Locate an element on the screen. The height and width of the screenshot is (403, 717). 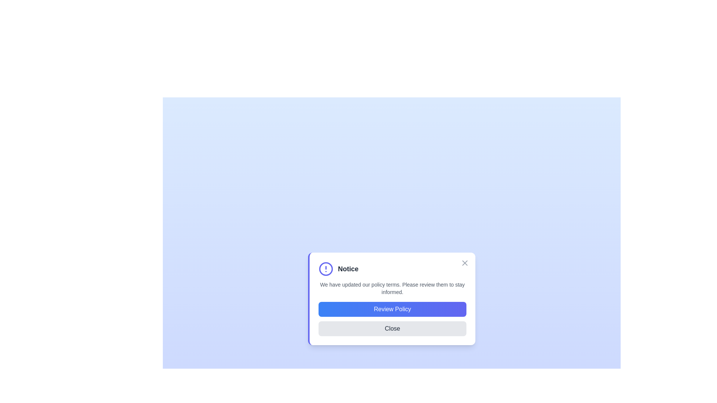
the notice icon and text to emphasize the content is located at coordinates (326, 269).